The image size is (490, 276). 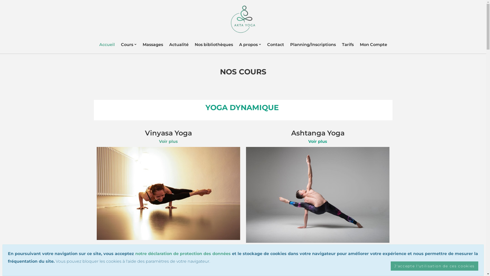 I want to click on 'Voir plus', so click(x=317, y=141).